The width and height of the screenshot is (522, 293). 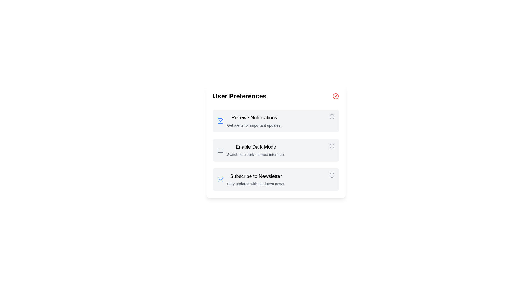 What do you see at coordinates (331, 116) in the screenshot?
I see `the Informational Icon located in the top-right corner of the 'Receive Notifications' box` at bounding box center [331, 116].